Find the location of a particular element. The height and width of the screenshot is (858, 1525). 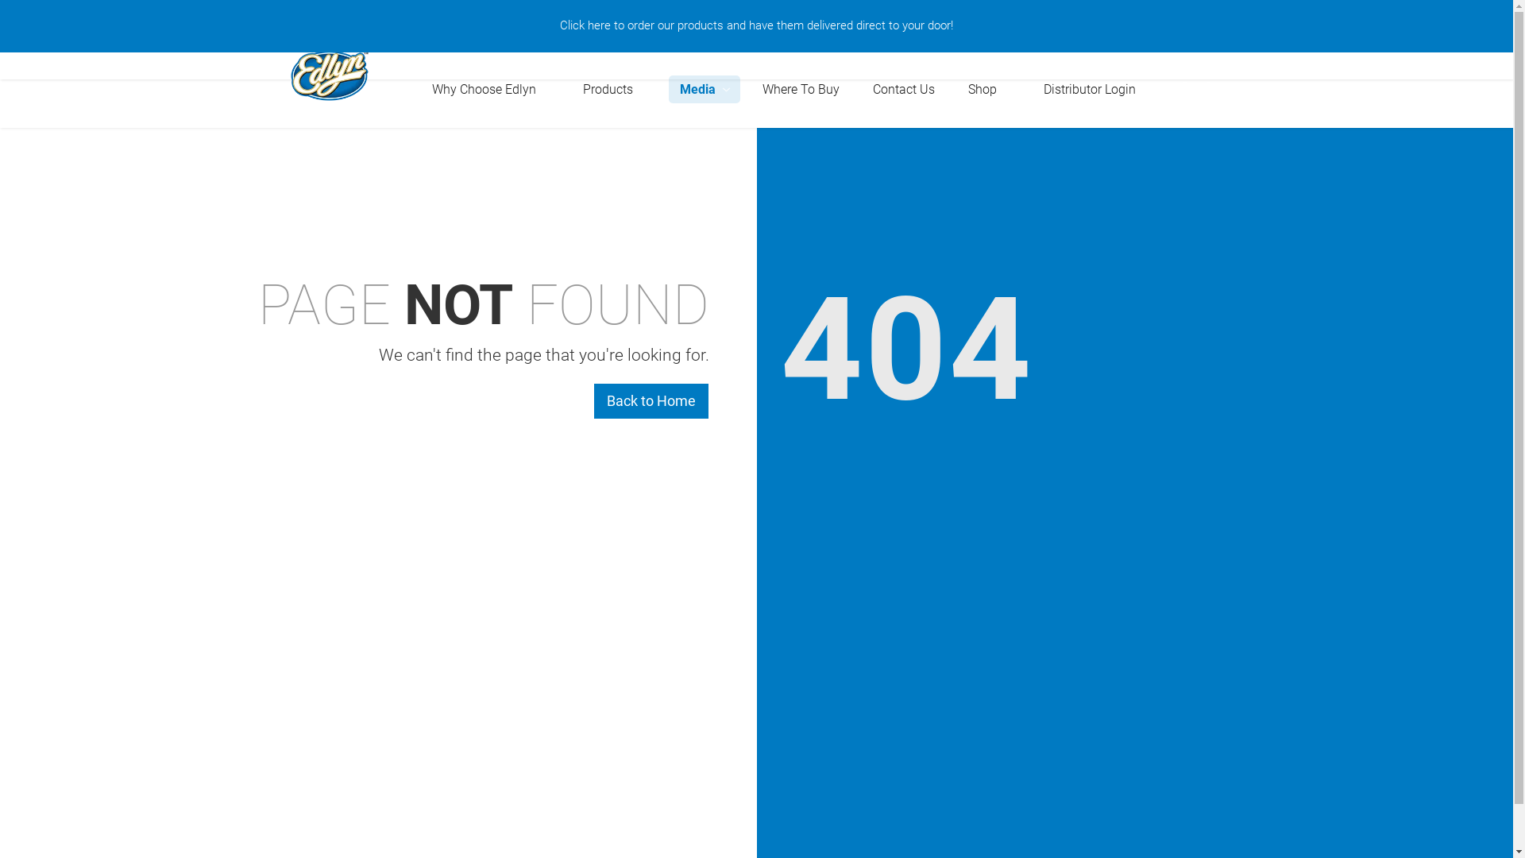

'Back to Home' is located at coordinates (651, 400).